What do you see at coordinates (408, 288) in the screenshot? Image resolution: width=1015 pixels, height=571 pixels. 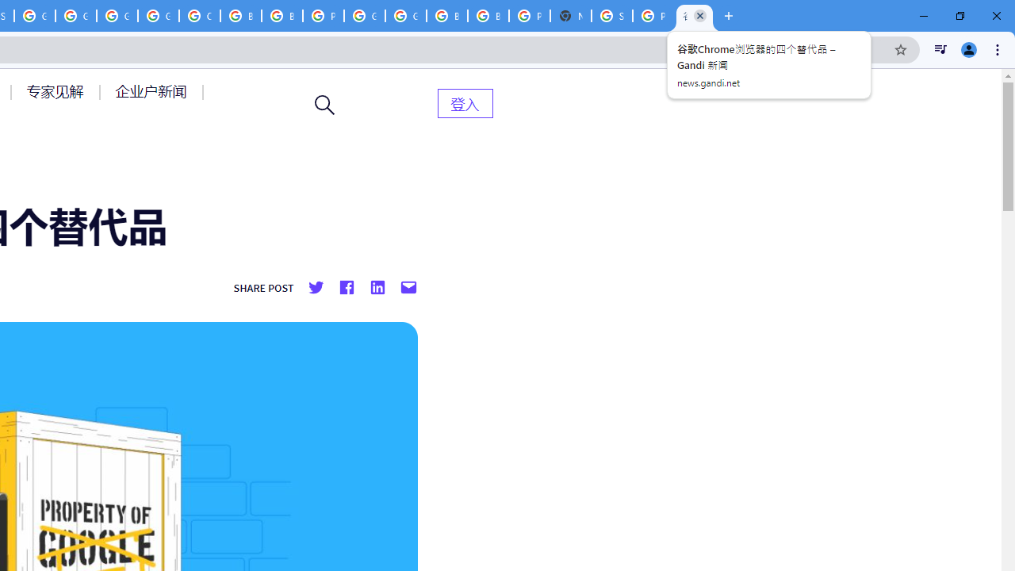 I see `'Share by mail'` at bounding box center [408, 288].